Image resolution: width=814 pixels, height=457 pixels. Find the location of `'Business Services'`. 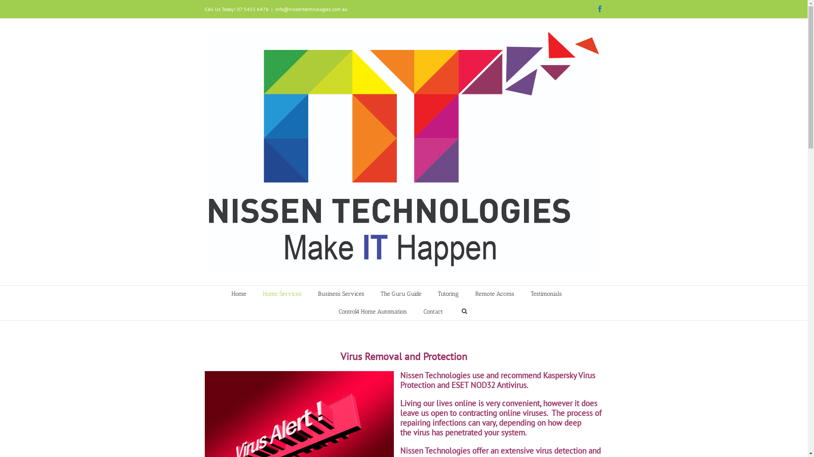

'Business Services' is located at coordinates (317, 293).